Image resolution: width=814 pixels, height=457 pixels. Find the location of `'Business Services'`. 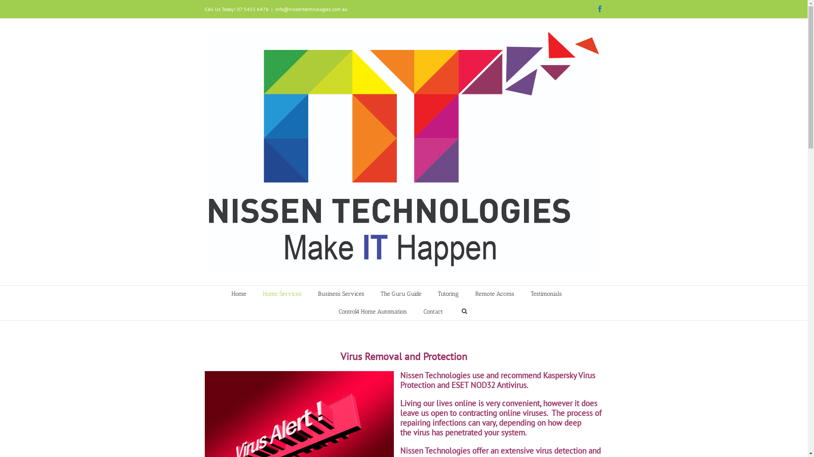

'Business Services' is located at coordinates (317, 293).